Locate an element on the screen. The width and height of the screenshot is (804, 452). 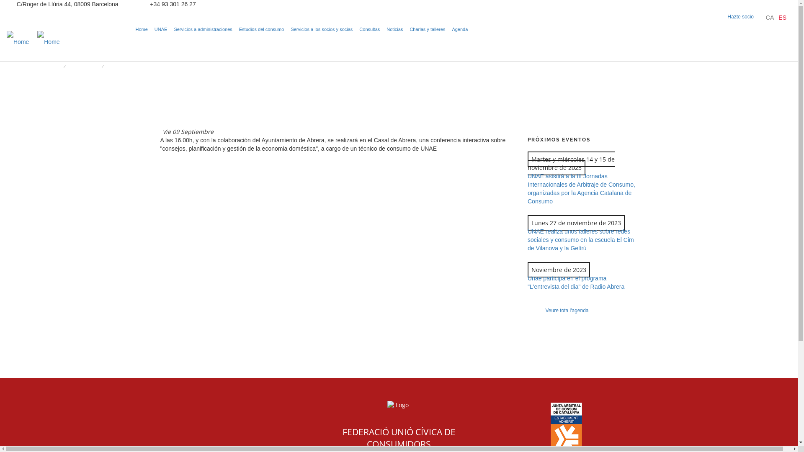
'Veure tota l'agenda' is located at coordinates (567, 310).